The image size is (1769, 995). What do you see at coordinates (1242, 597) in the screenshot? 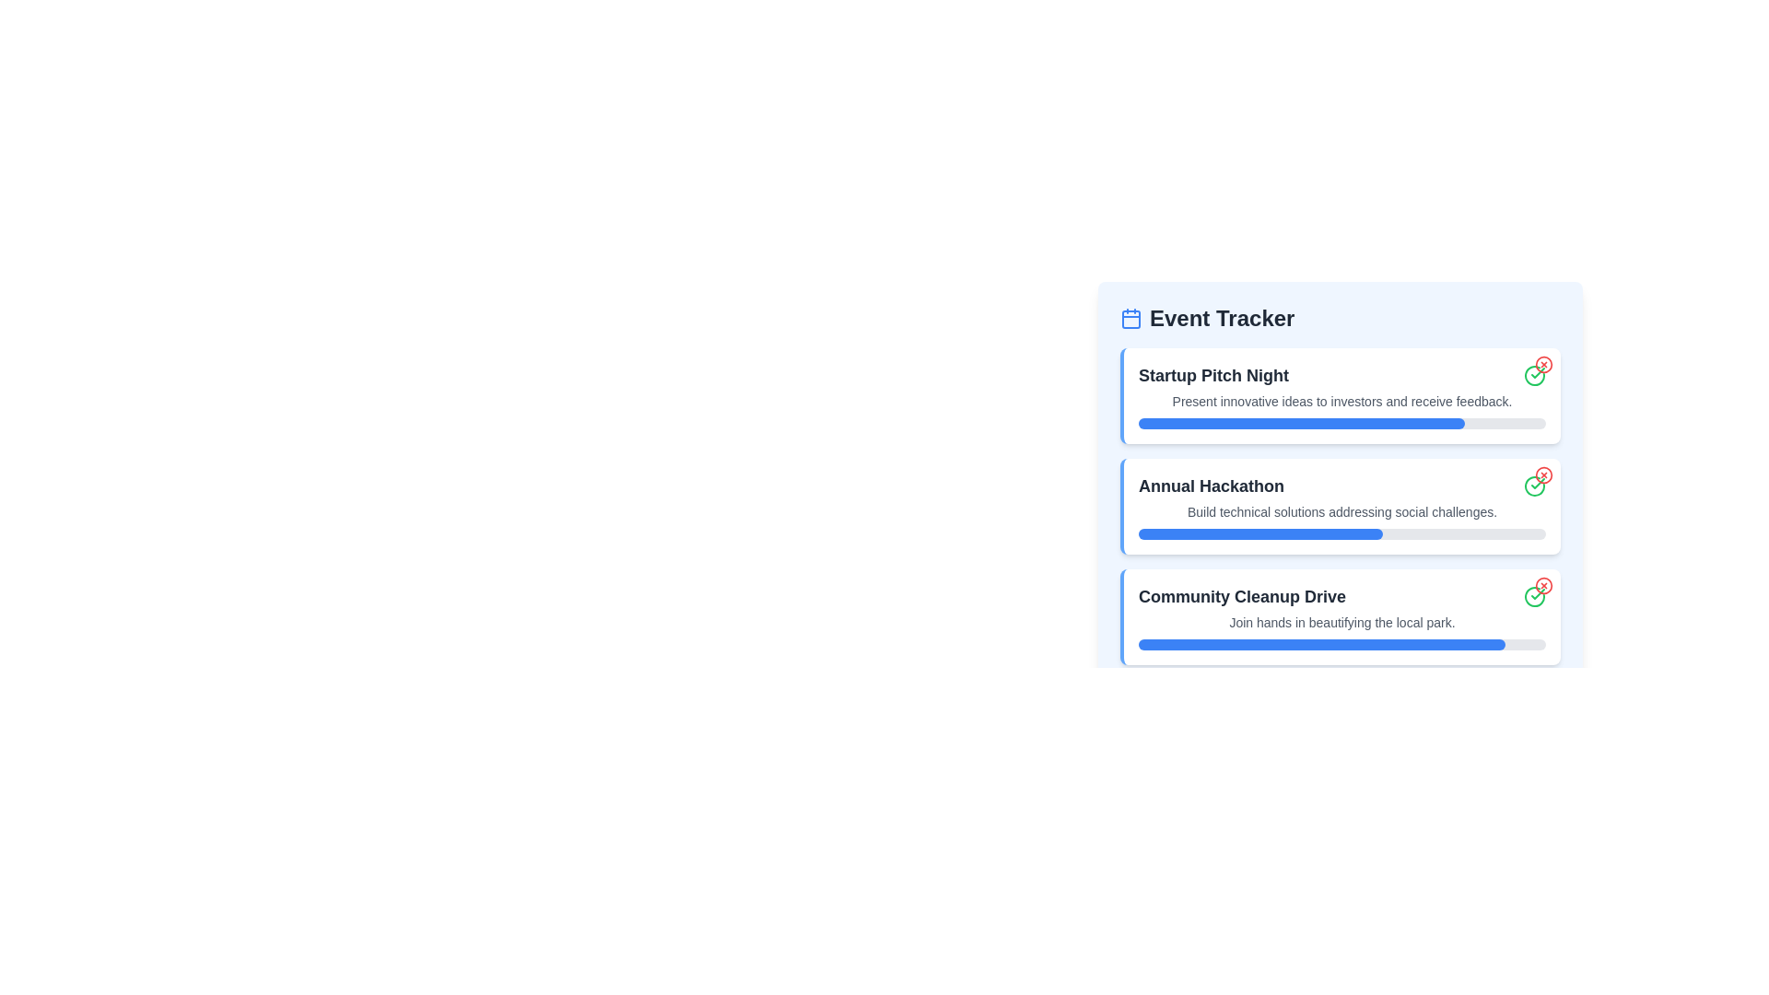
I see `the text label displaying 'Community Cleanup Drive', which is prominently styled in a large bold dark gray font within the 'Event Tracker' section` at bounding box center [1242, 597].